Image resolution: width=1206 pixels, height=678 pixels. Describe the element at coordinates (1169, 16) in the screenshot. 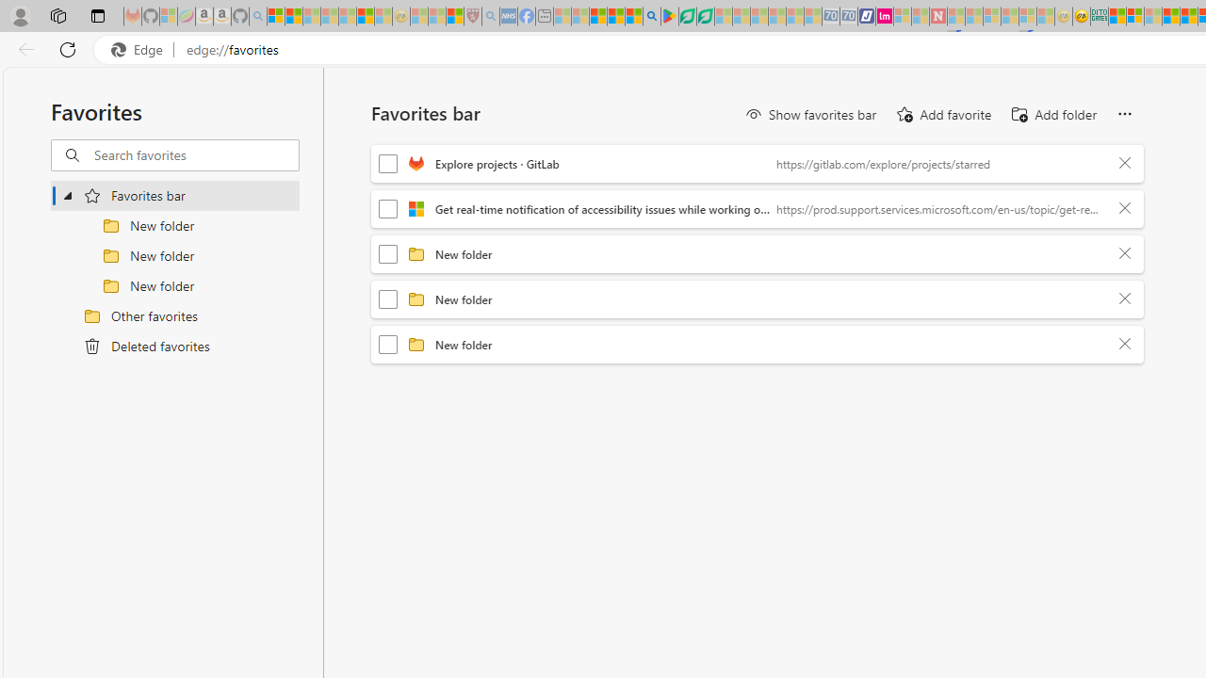

I see `'Expert Portfolios'` at that location.